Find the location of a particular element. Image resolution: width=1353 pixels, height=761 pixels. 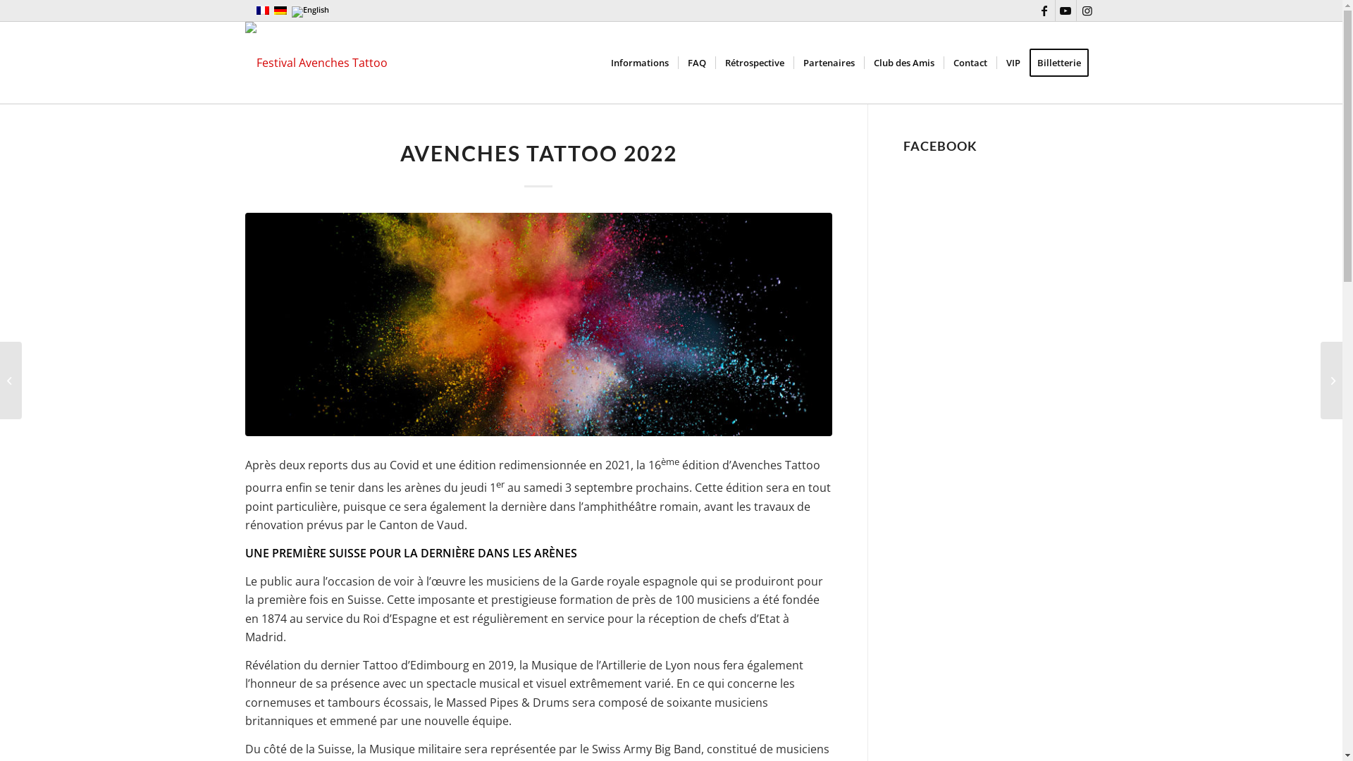

'Facebook' is located at coordinates (1044, 11).